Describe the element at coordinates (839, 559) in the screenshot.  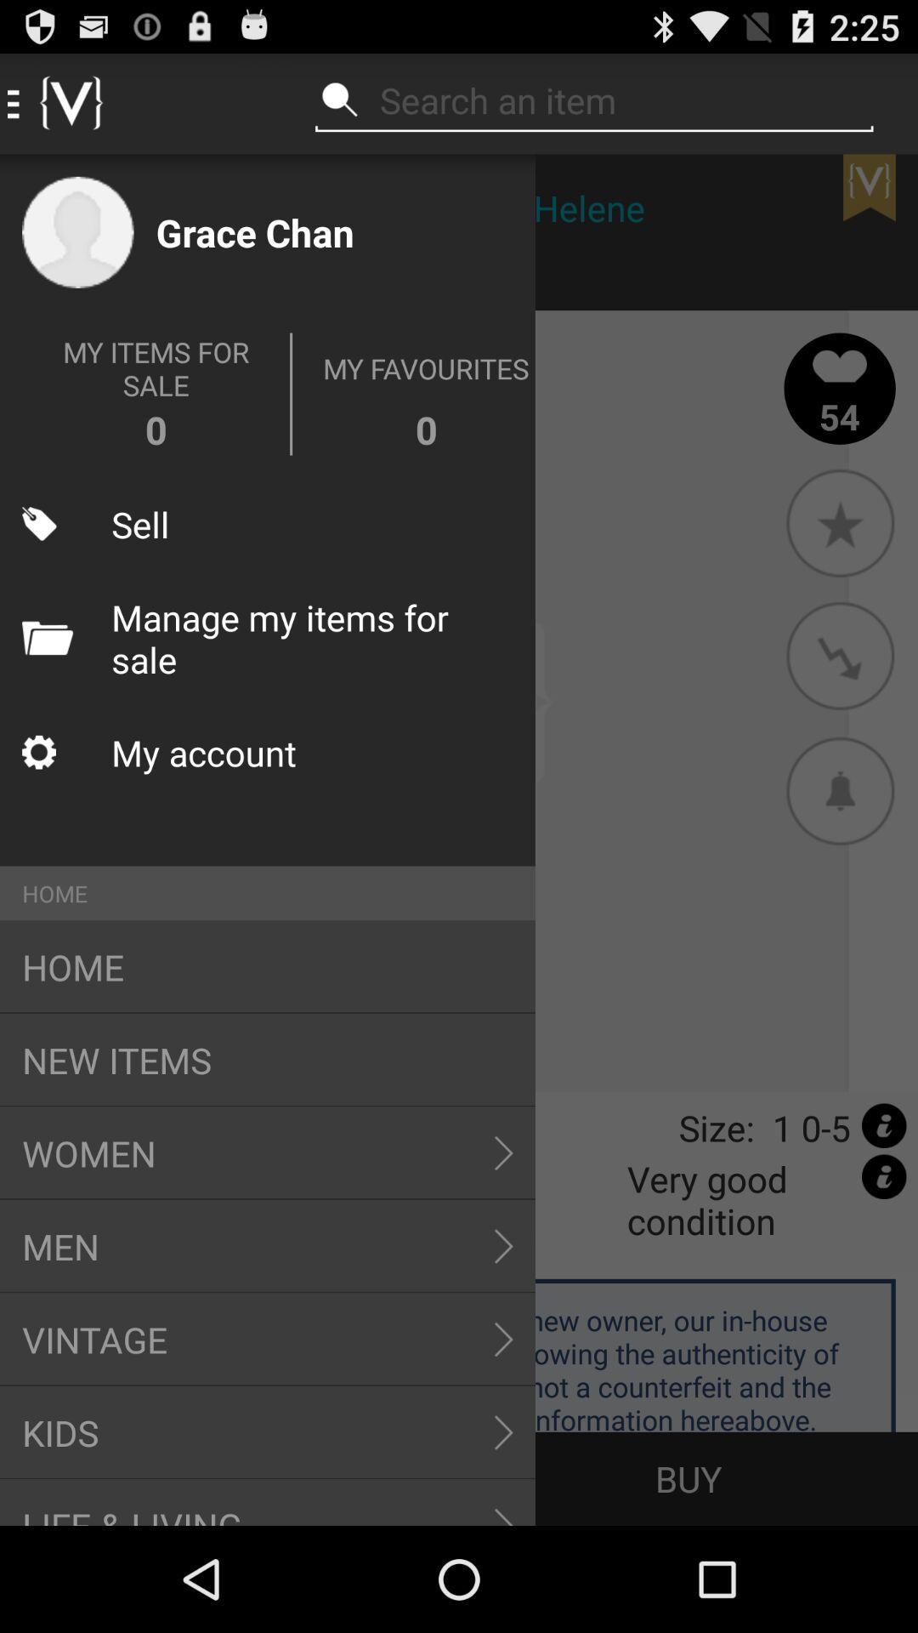
I see `the star icon` at that location.